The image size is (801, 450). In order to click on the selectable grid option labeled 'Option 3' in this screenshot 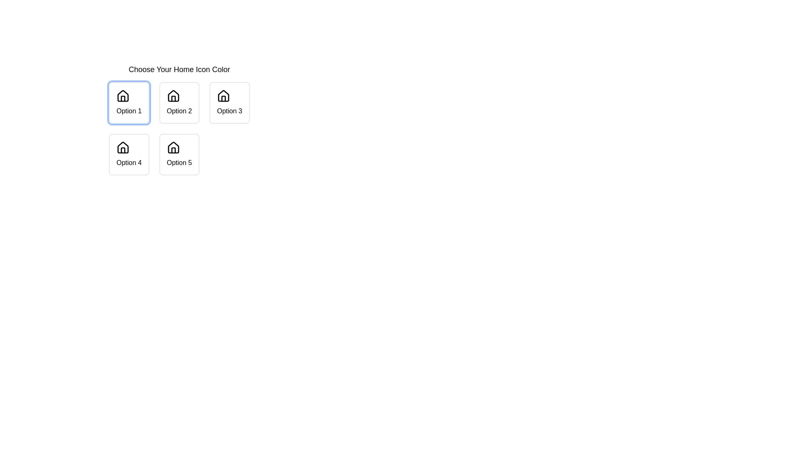, I will do `click(229, 102)`.